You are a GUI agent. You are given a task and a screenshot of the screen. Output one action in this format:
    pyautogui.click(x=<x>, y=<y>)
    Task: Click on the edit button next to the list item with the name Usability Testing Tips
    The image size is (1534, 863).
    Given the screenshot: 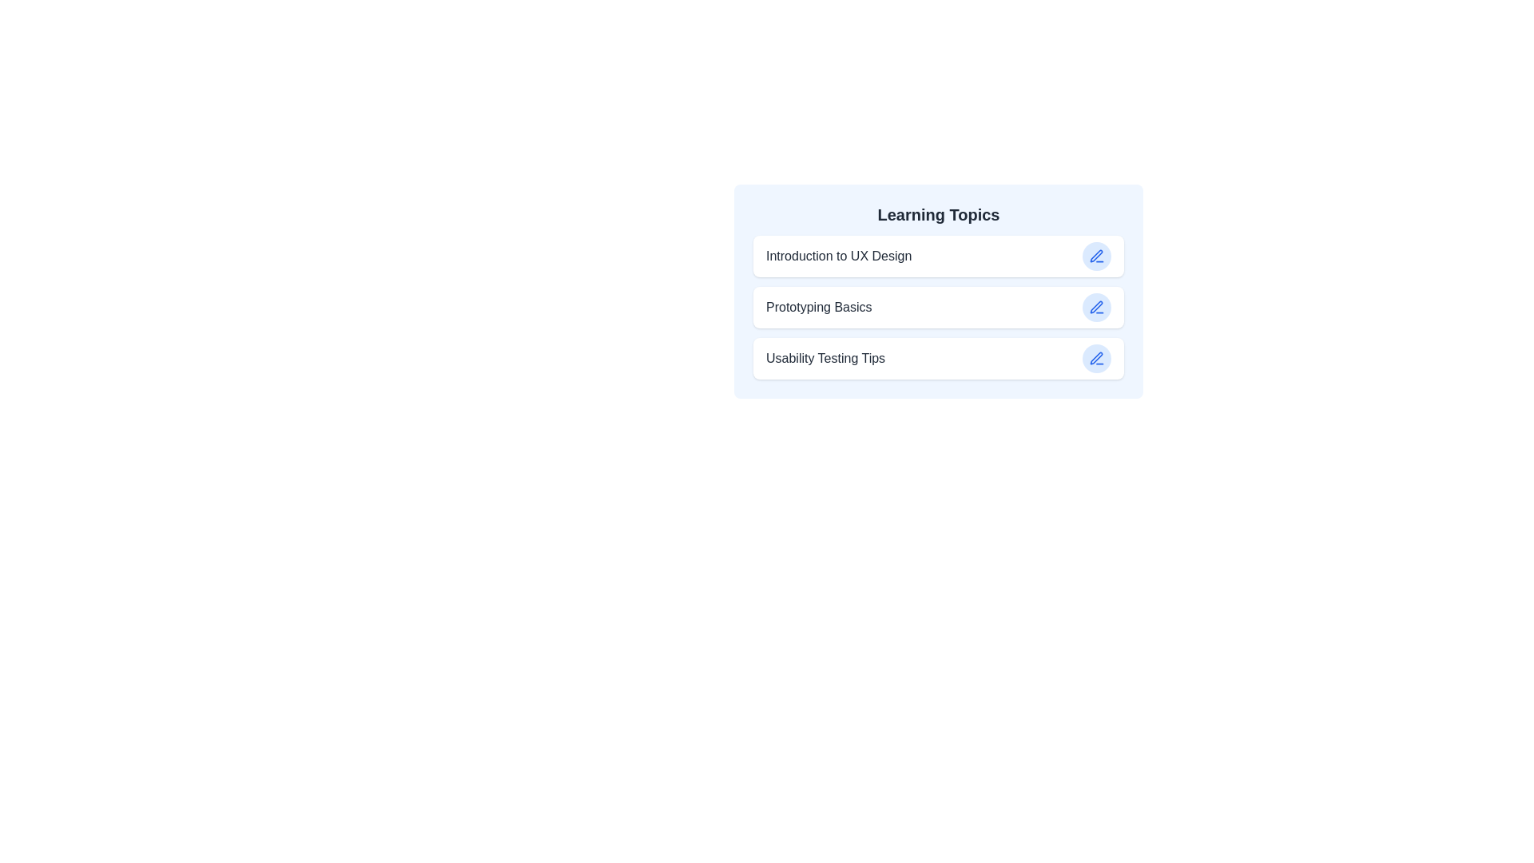 What is the action you would take?
    pyautogui.click(x=1095, y=357)
    